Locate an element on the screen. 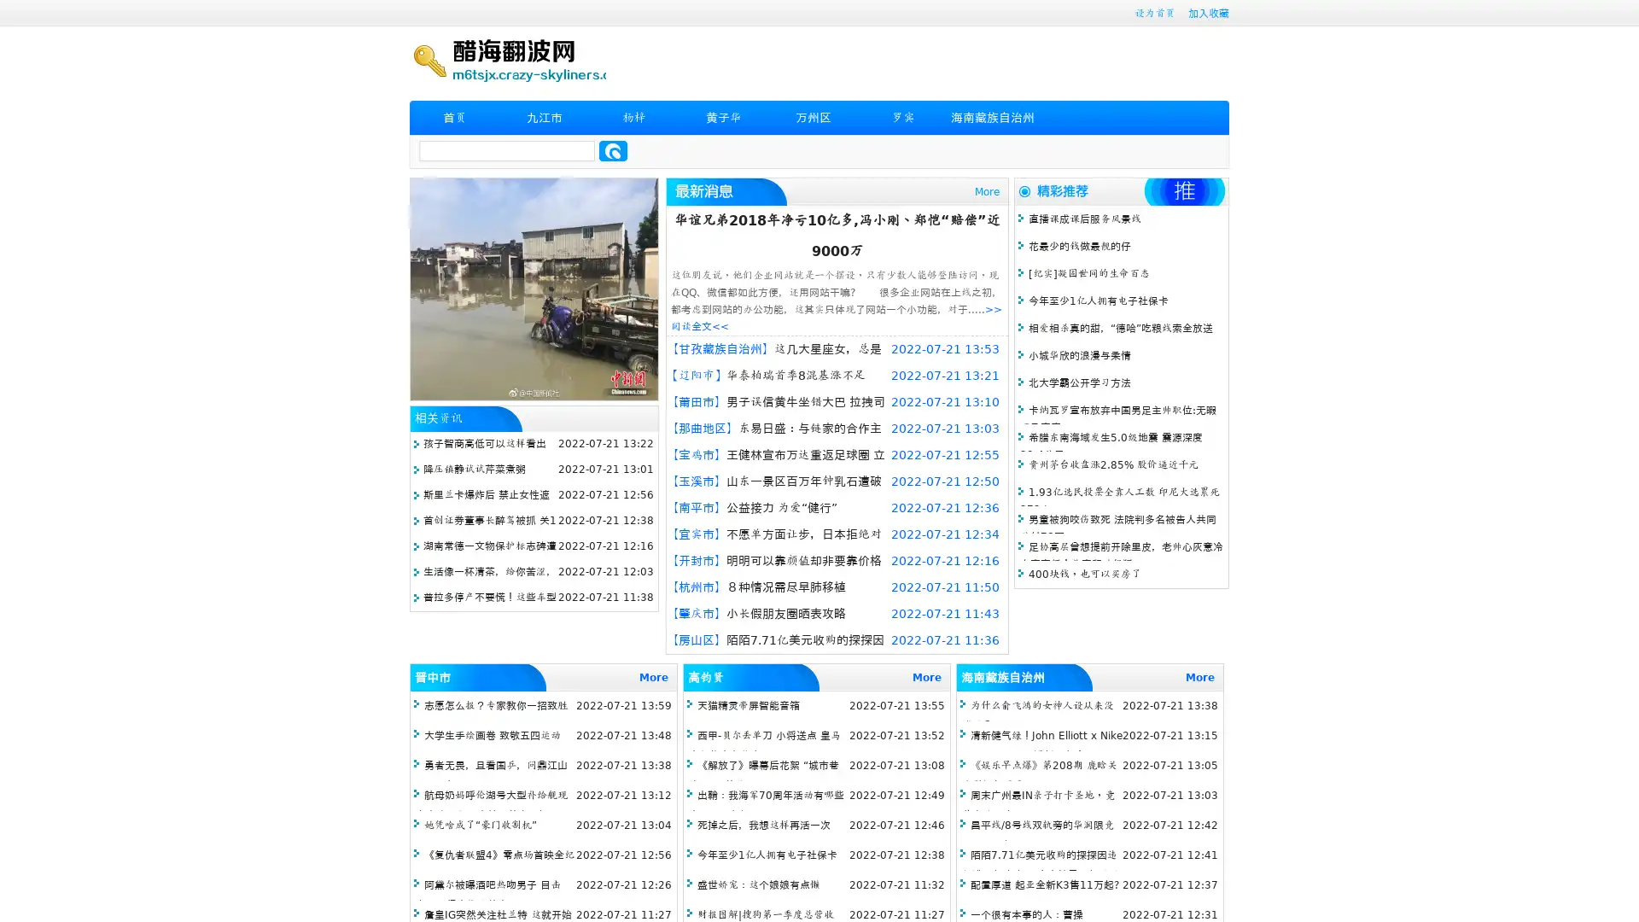 The width and height of the screenshot is (1639, 922). Search is located at coordinates (613, 150).